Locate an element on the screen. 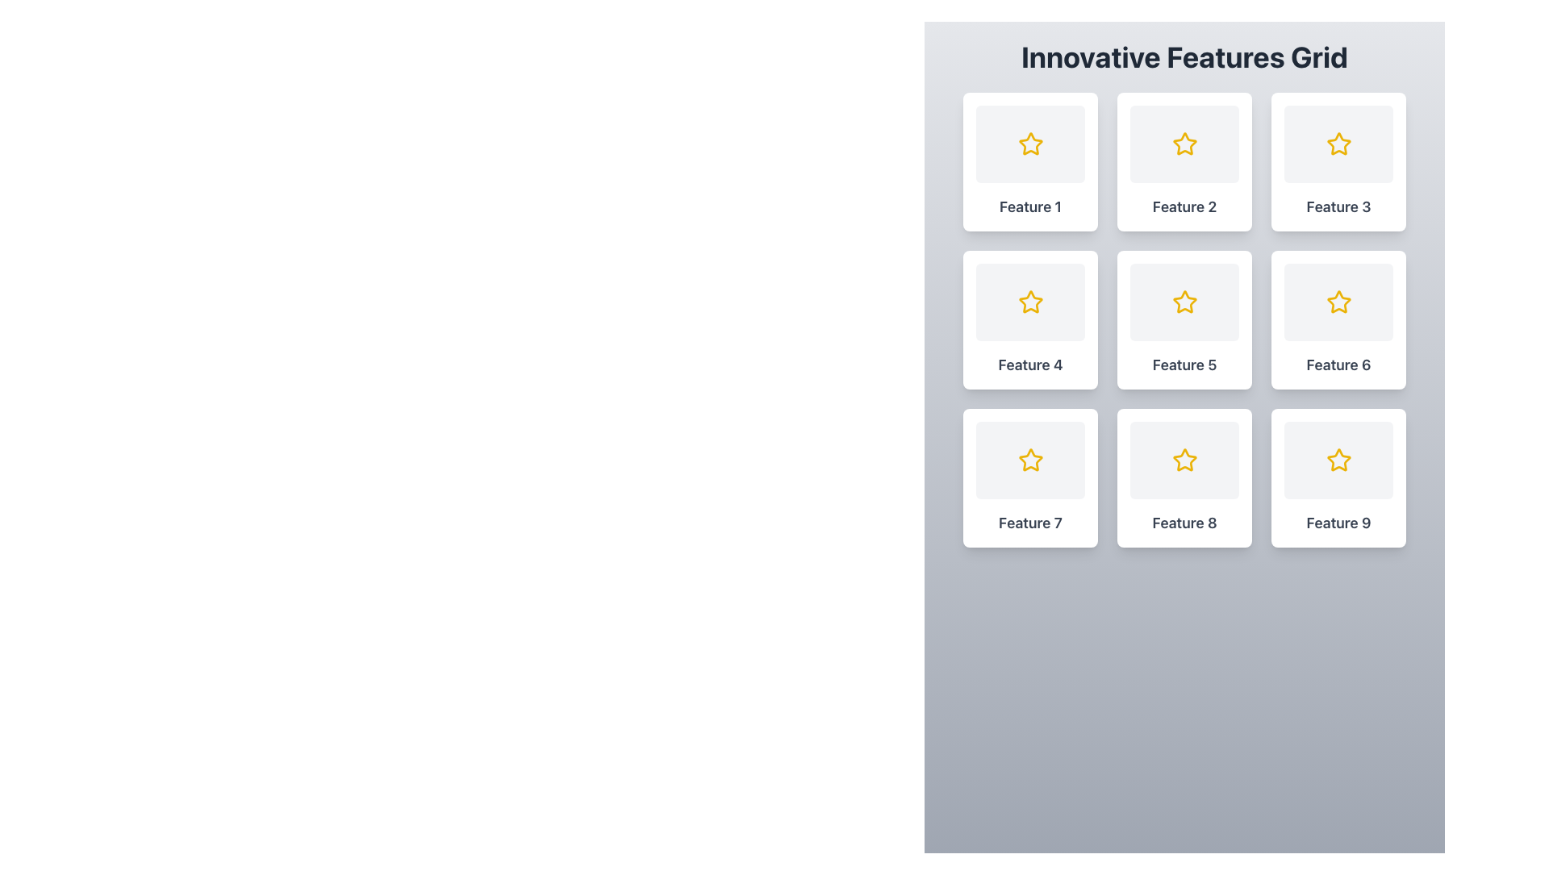 This screenshot has width=1549, height=871. the symbolic feature icon located in the second cell of the first row under 'Innovative Features Grid' is located at coordinates (1184, 143).